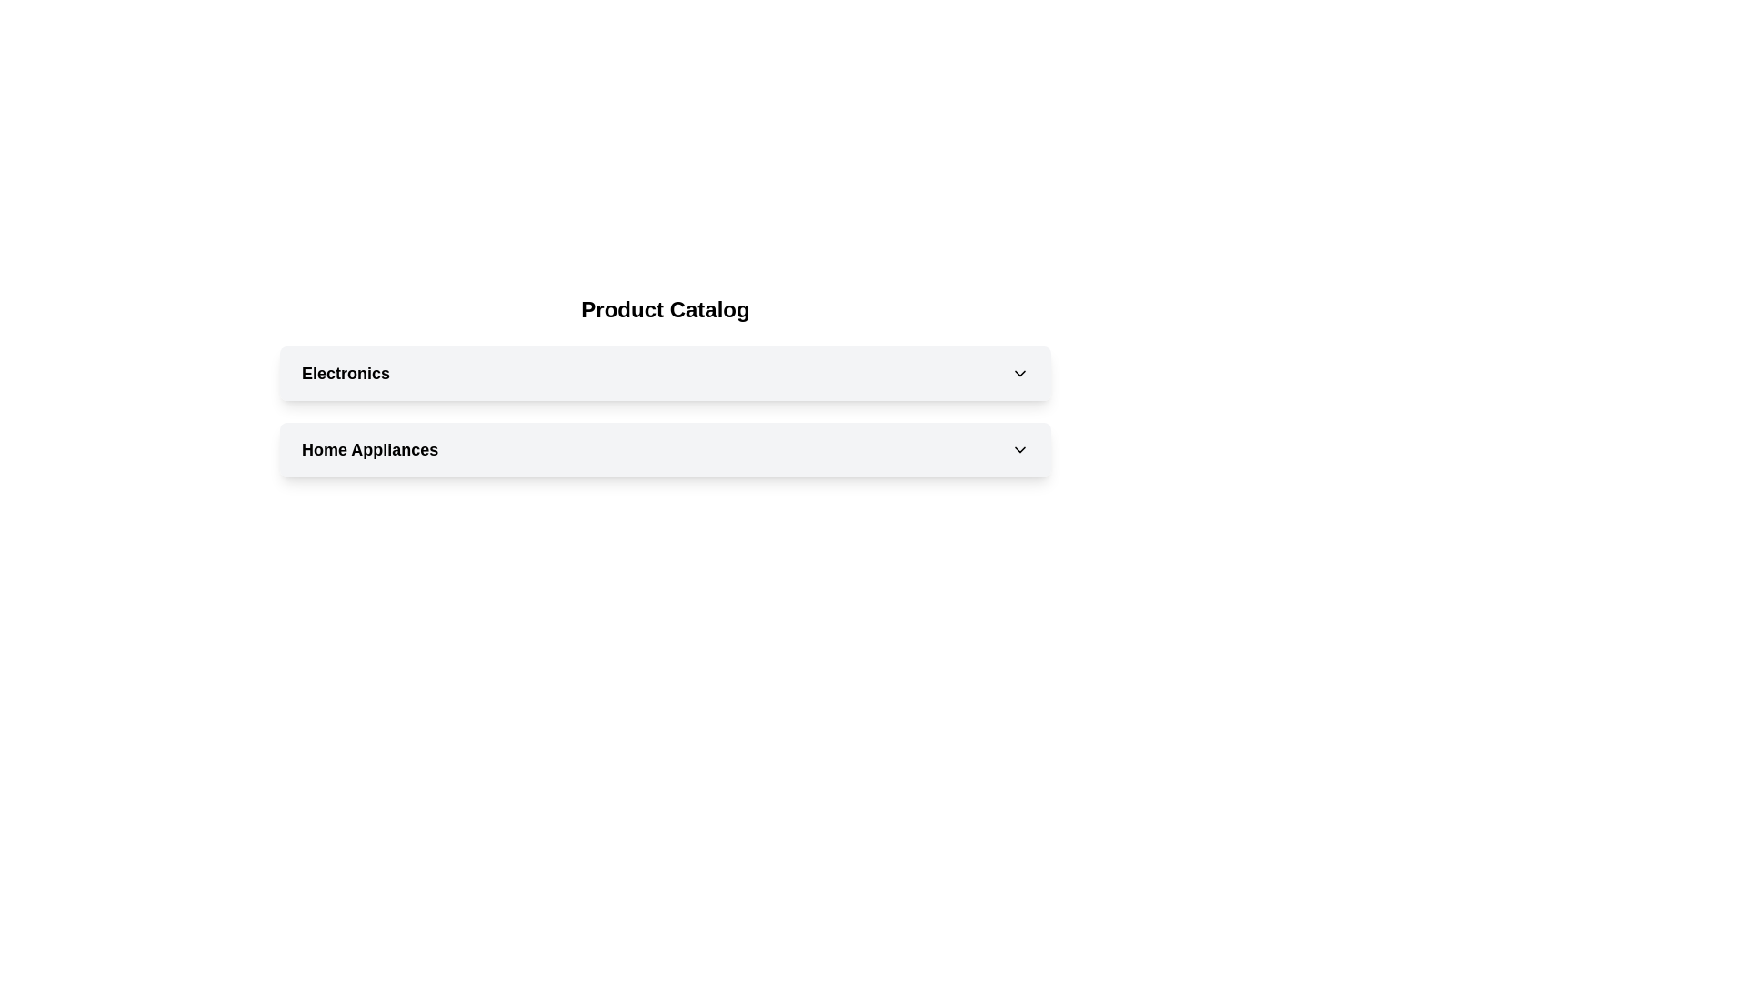 The height and width of the screenshot is (982, 1746). What do you see at coordinates (369, 449) in the screenshot?
I see `the 'Home Appliances' text label by moving the cursor to its center point for interaction` at bounding box center [369, 449].